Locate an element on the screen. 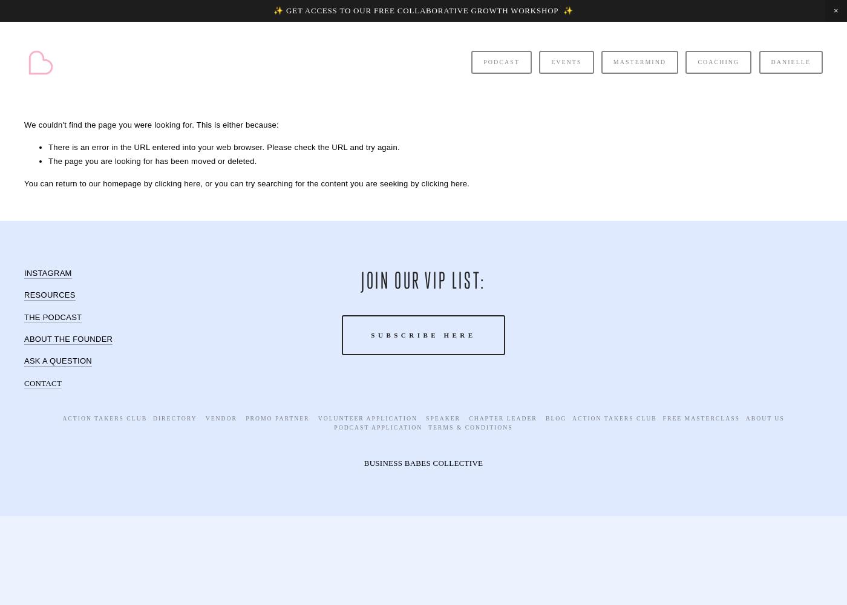 Image resolution: width=847 pixels, height=605 pixels. 'Chapter Leader' is located at coordinates (502, 417).